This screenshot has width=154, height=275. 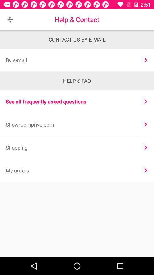 What do you see at coordinates (146, 124) in the screenshot?
I see `icon next to the showroomprive.com item` at bounding box center [146, 124].